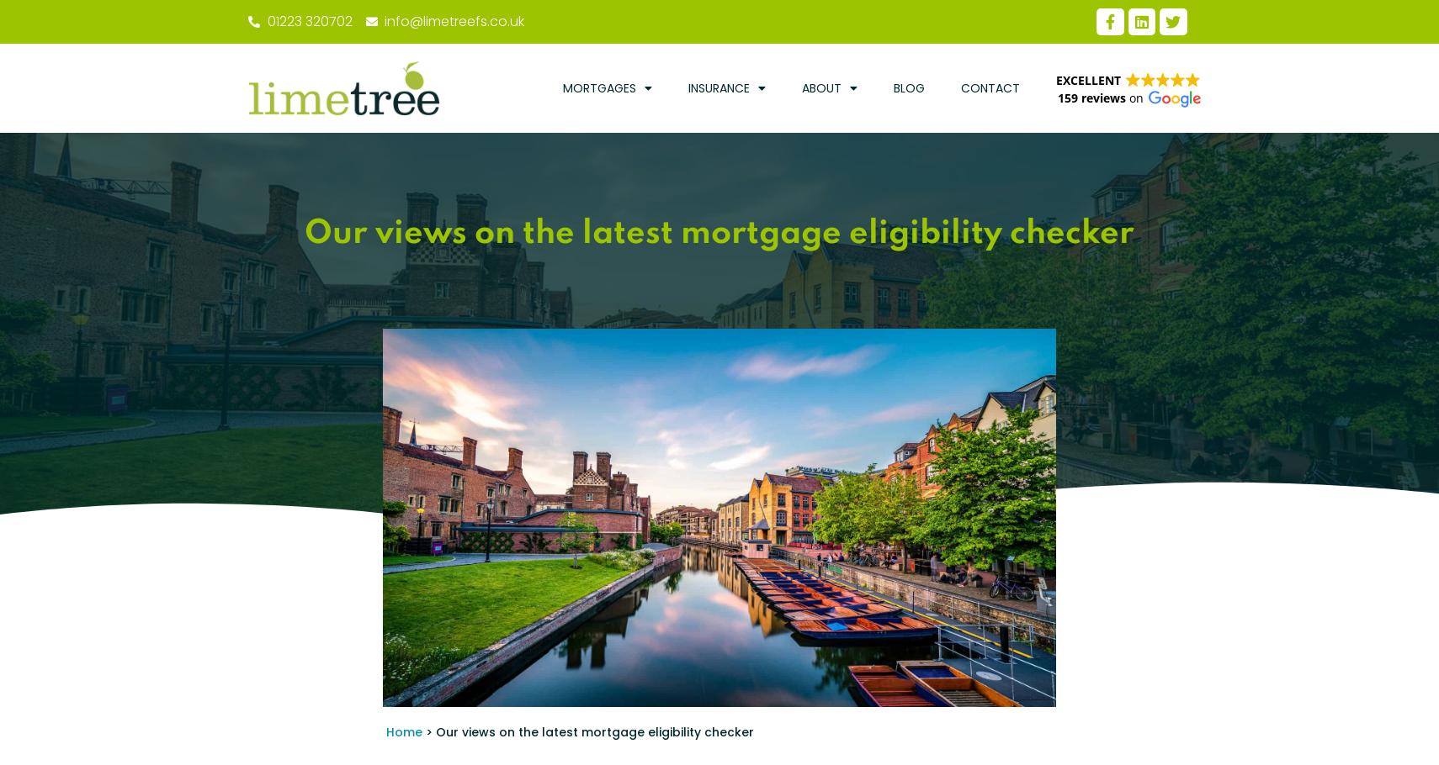 Image resolution: width=1439 pixels, height=765 pixels. What do you see at coordinates (332, 693) in the screenshot?
I see `'S Kirk'` at bounding box center [332, 693].